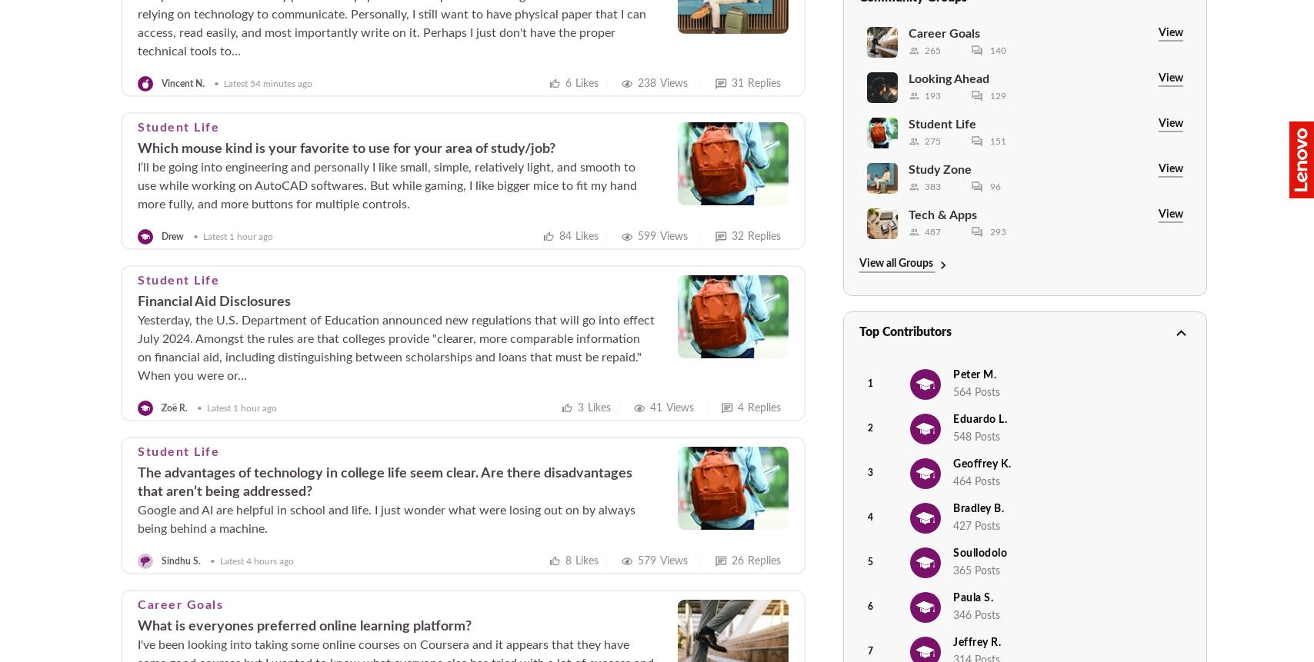 This screenshot has width=1314, height=662. I want to click on 'Bradley b.', so click(978, 509).